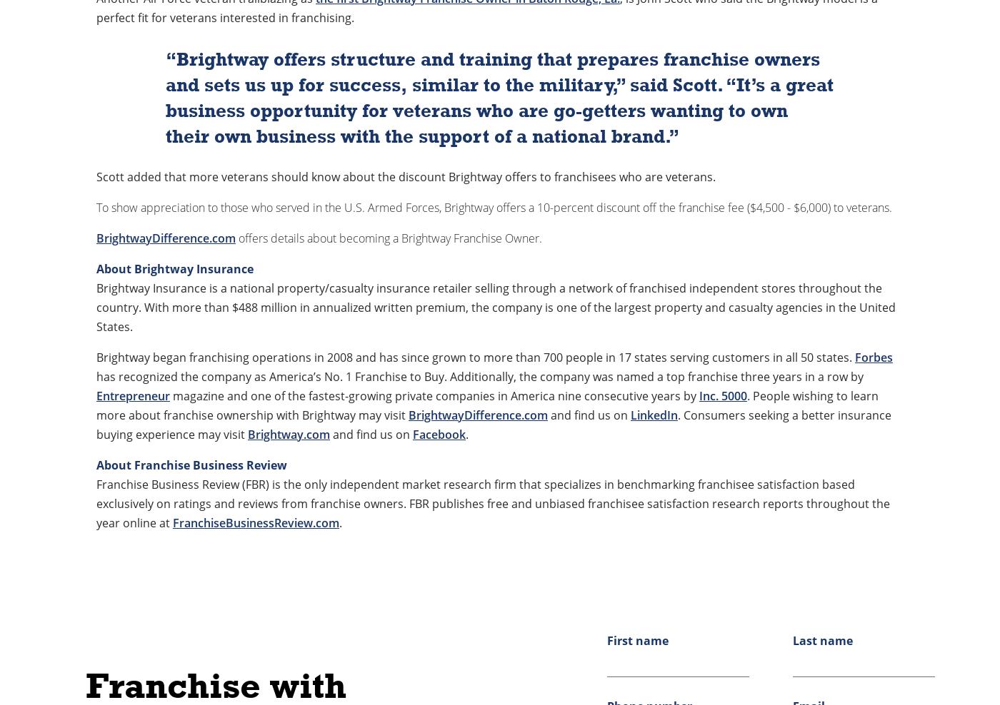 This screenshot has height=705, width=1000. What do you see at coordinates (654, 415) in the screenshot?
I see `'LinkedIn'` at bounding box center [654, 415].